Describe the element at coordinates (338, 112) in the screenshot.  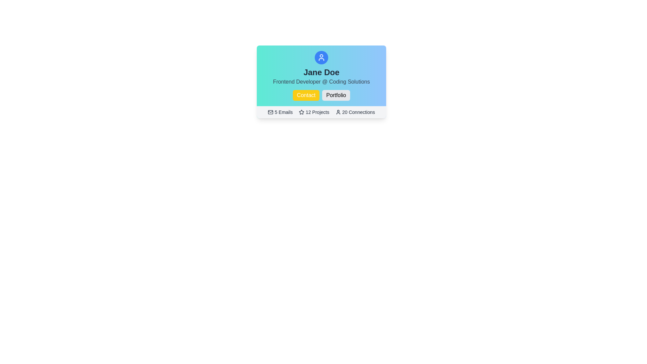
I see `the icon representing '20 Connections' located to the left of the text in the footer section of the user card` at that location.